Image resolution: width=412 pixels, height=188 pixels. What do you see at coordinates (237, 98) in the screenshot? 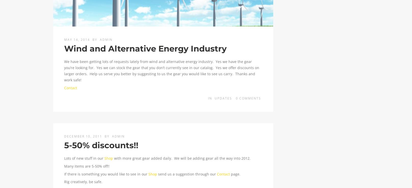
I see `'0'` at bounding box center [237, 98].